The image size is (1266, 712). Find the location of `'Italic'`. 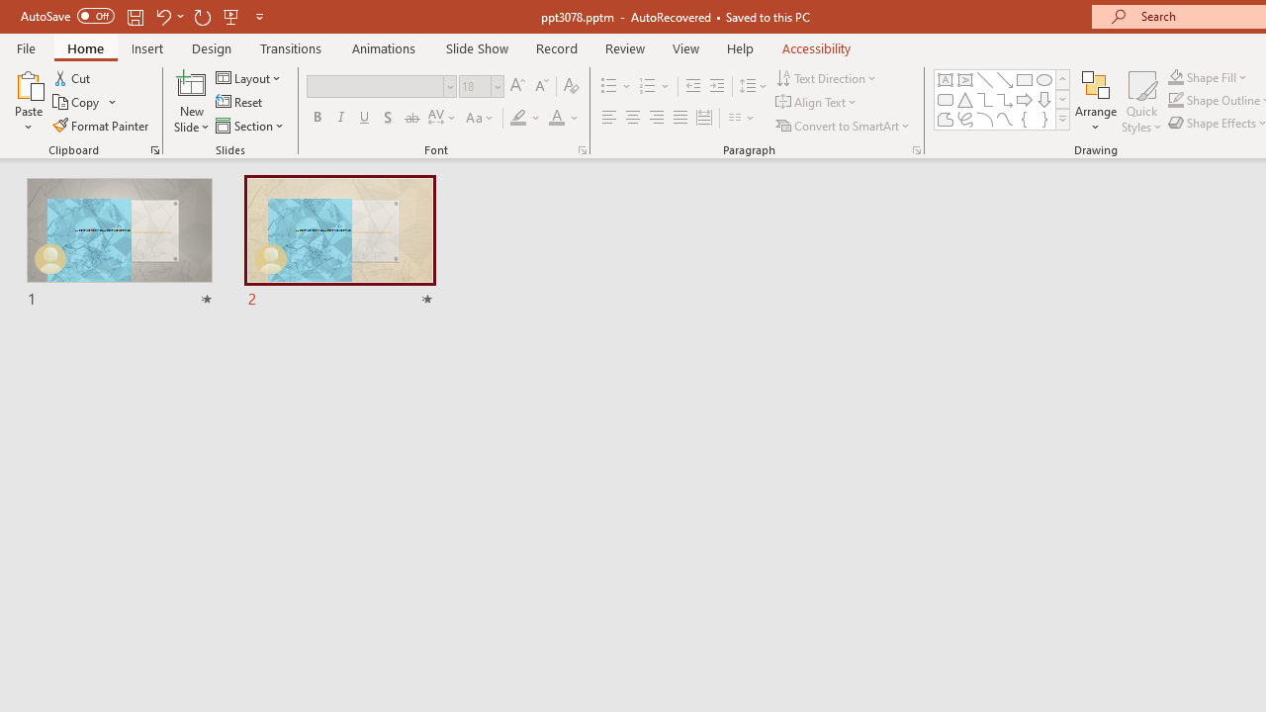

'Italic' is located at coordinates (340, 118).